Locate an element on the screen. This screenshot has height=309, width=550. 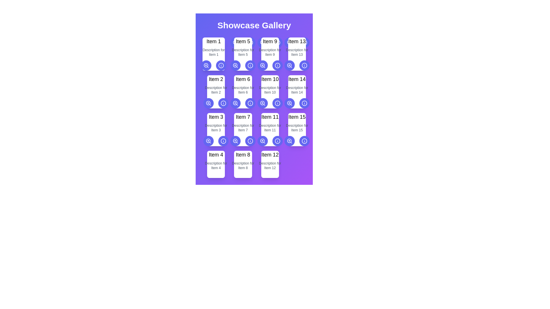
the central circle of the zoom-in icon, which is part of a larger SVG graphic, if it is interactive is located at coordinates (262, 103).